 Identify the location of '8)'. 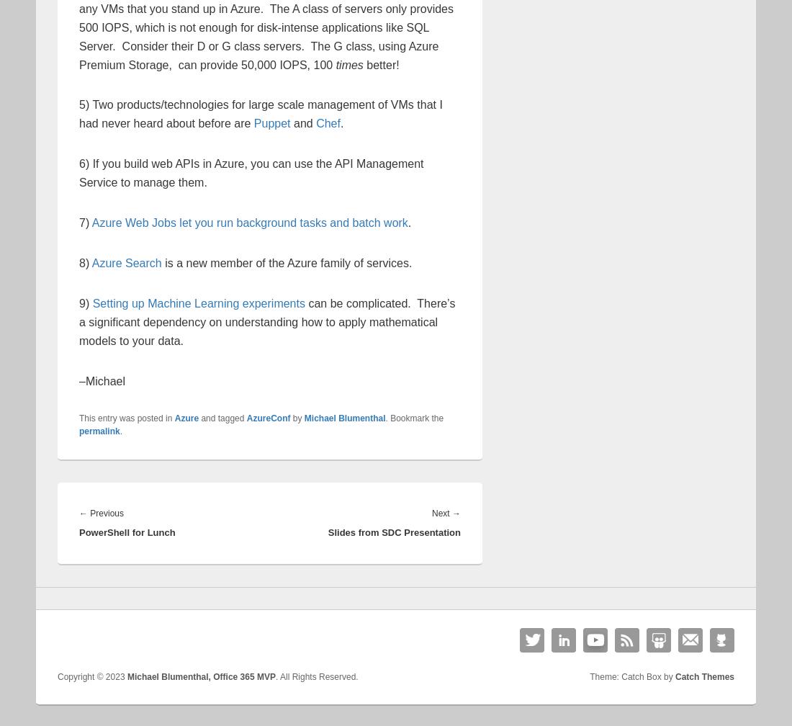
(85, 262).